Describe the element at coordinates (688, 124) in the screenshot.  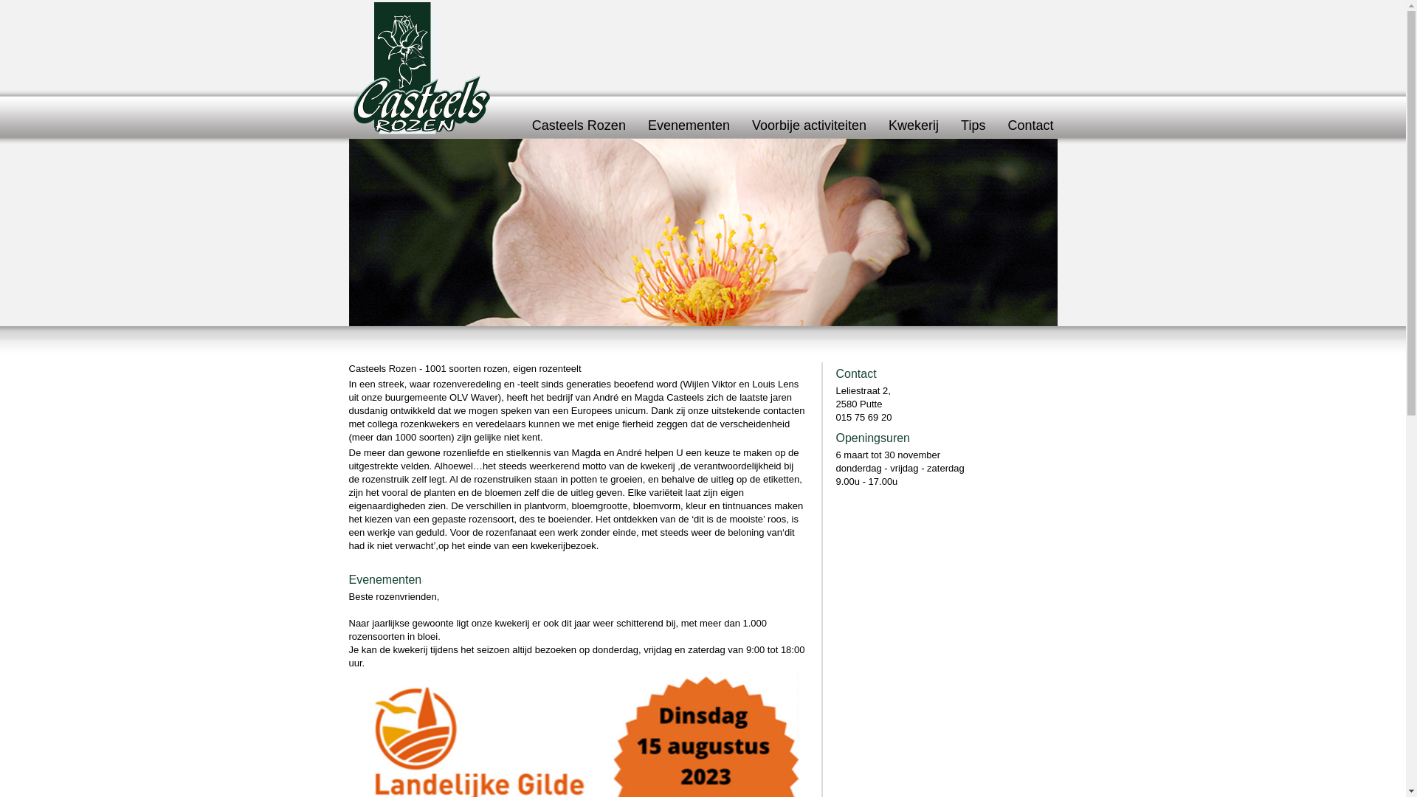
I see `'Evenementen'` at that location.